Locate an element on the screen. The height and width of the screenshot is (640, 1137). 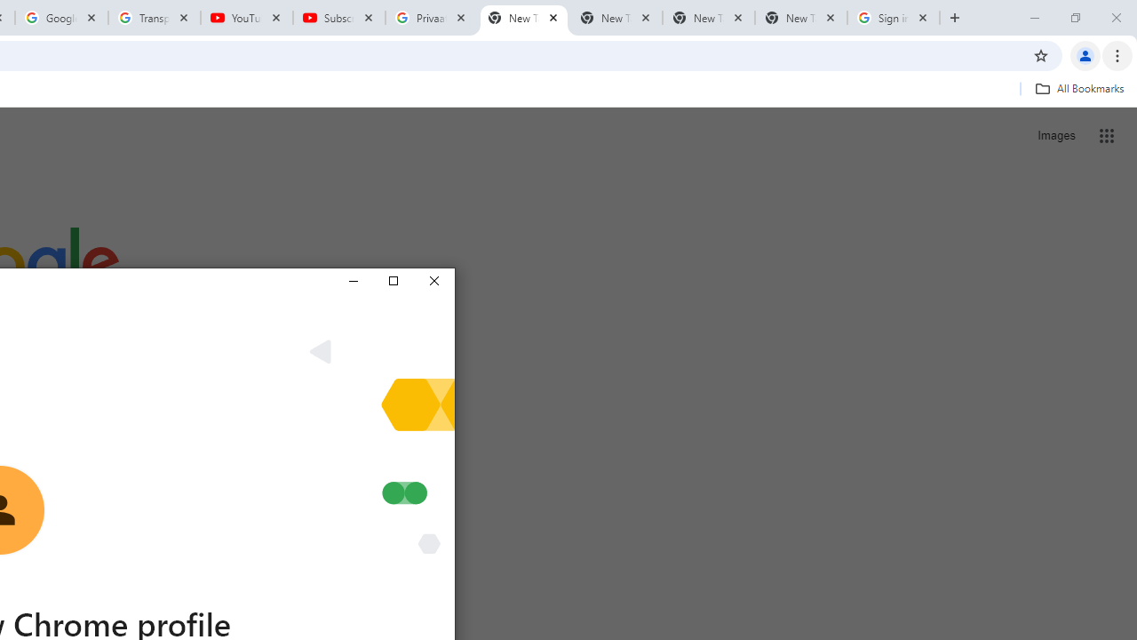
'Subscriptions - YouTube' is located at coordinates (339, 18).